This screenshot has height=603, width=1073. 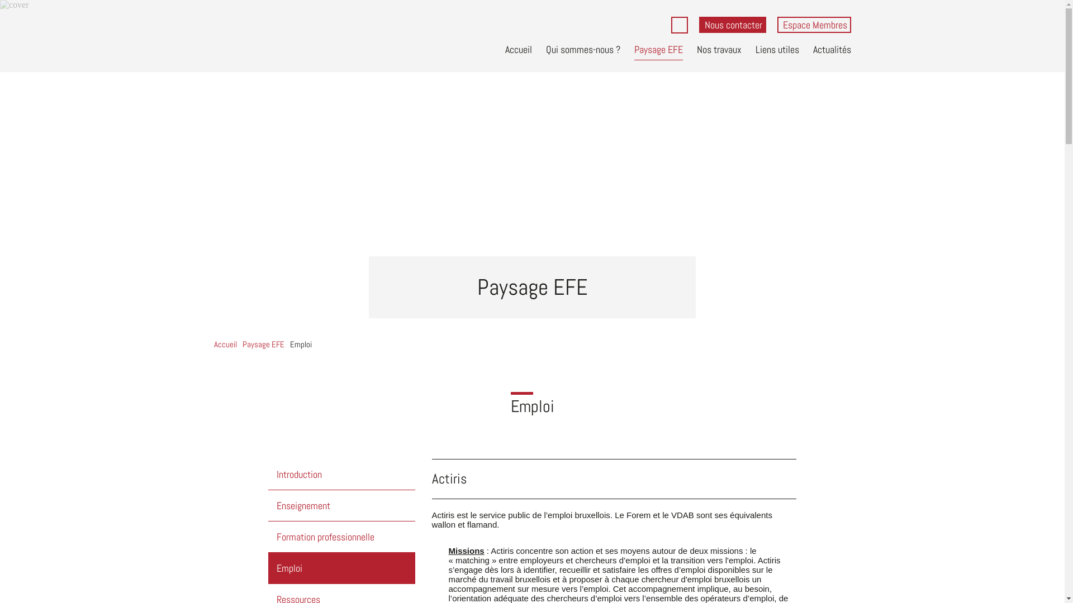 What do you see at coordinates (46, 0) in the screenshot?
I see `'Aller au contenu principal'` at bounding box center [46, 0].